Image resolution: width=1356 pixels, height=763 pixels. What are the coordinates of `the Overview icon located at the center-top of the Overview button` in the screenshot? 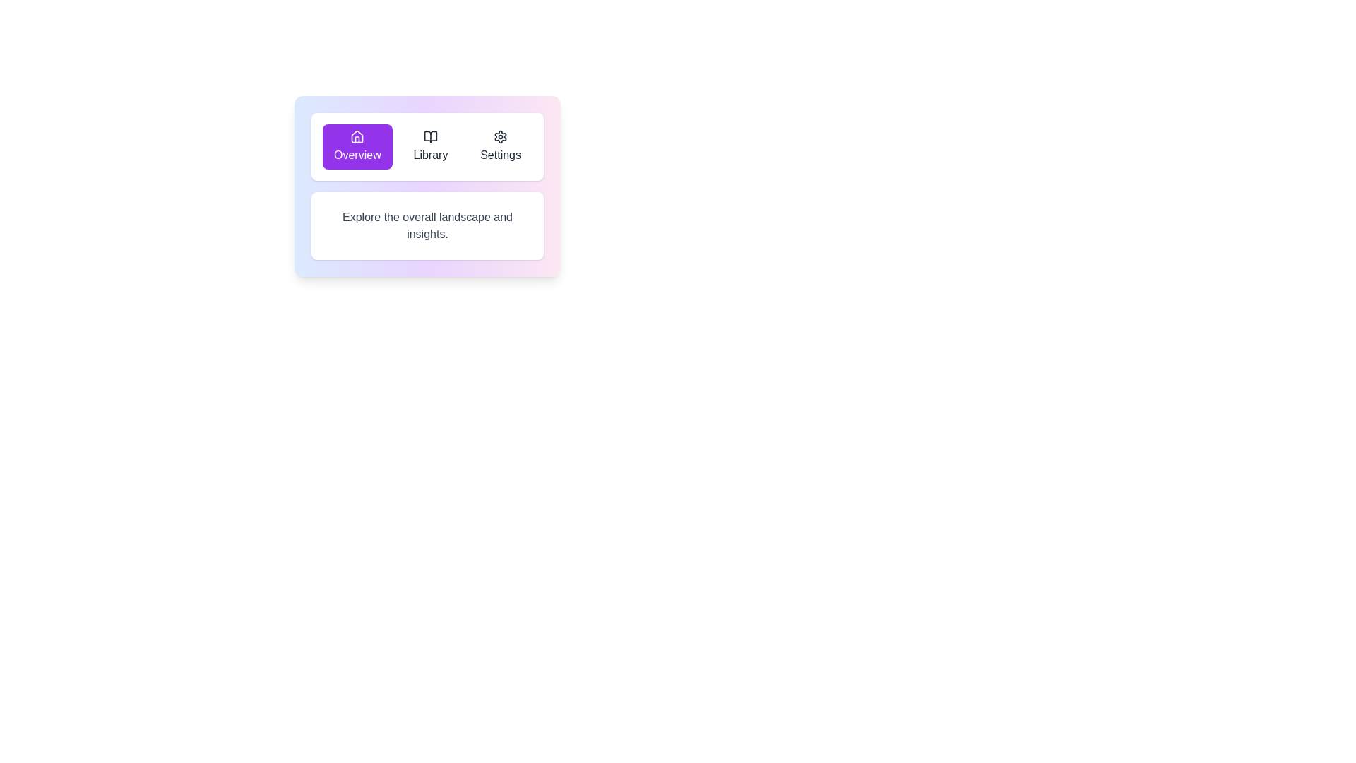 It's located at (357, 136).